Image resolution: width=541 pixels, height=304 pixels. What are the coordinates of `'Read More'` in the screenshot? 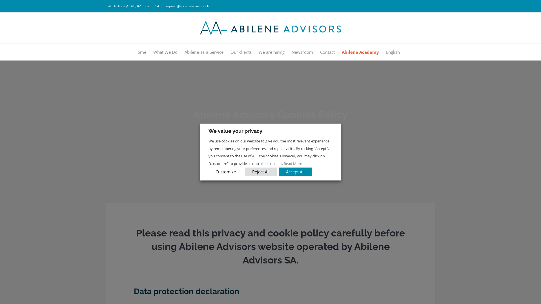 It's located at (293, 164).